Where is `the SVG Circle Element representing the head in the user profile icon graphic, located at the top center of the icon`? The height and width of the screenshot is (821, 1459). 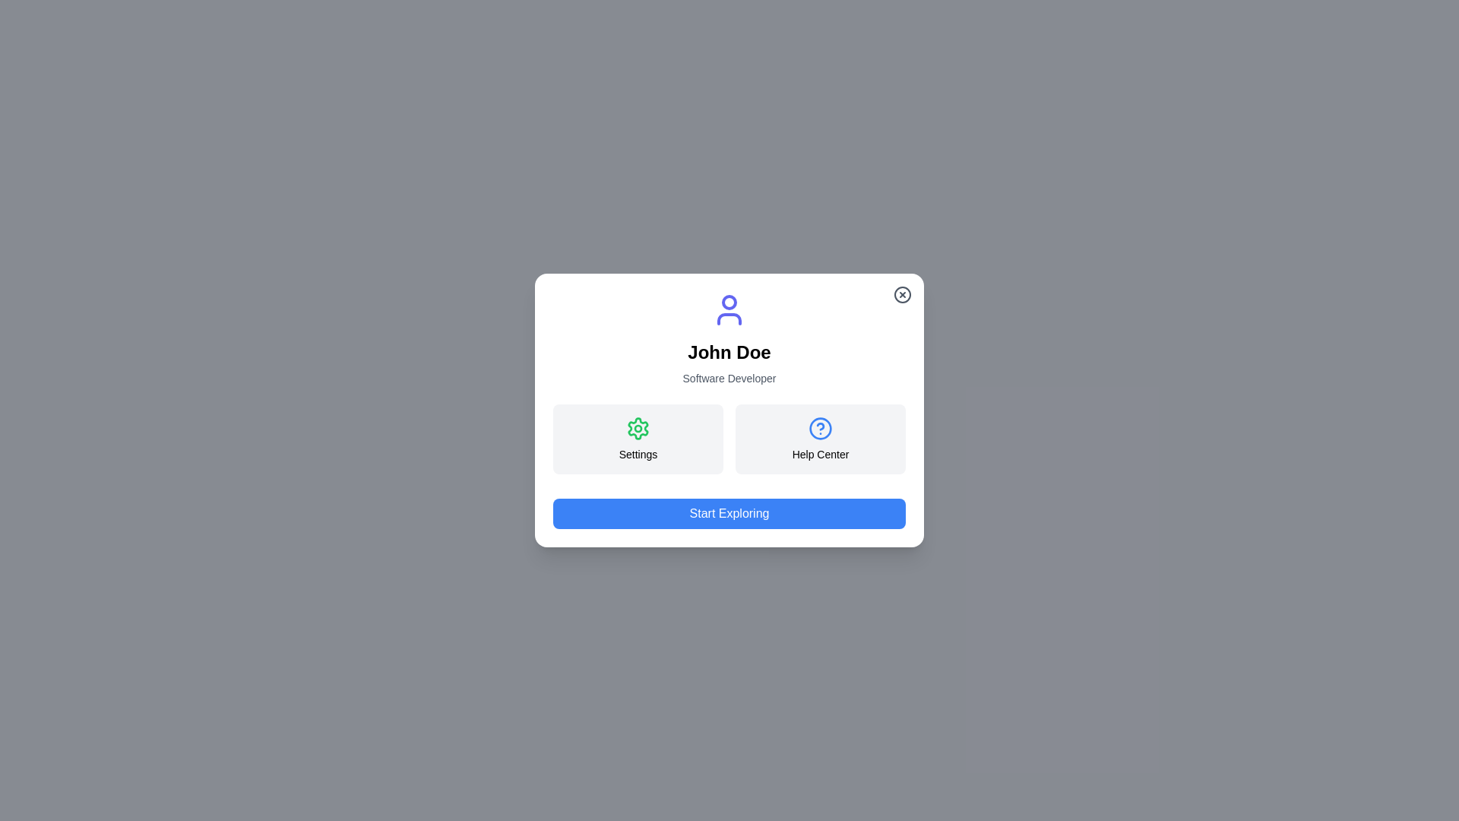 the SVG Circle Element representing the head in the user profile icon graphic, located at the top center of the icon is located at coordinates (729, 302).